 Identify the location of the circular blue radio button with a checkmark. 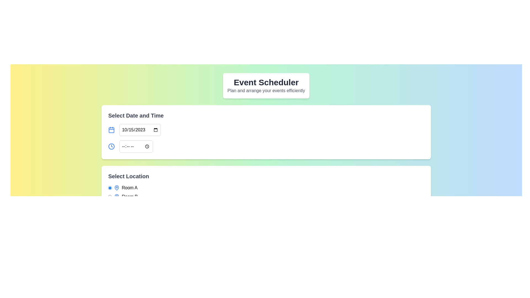
(110, 196).